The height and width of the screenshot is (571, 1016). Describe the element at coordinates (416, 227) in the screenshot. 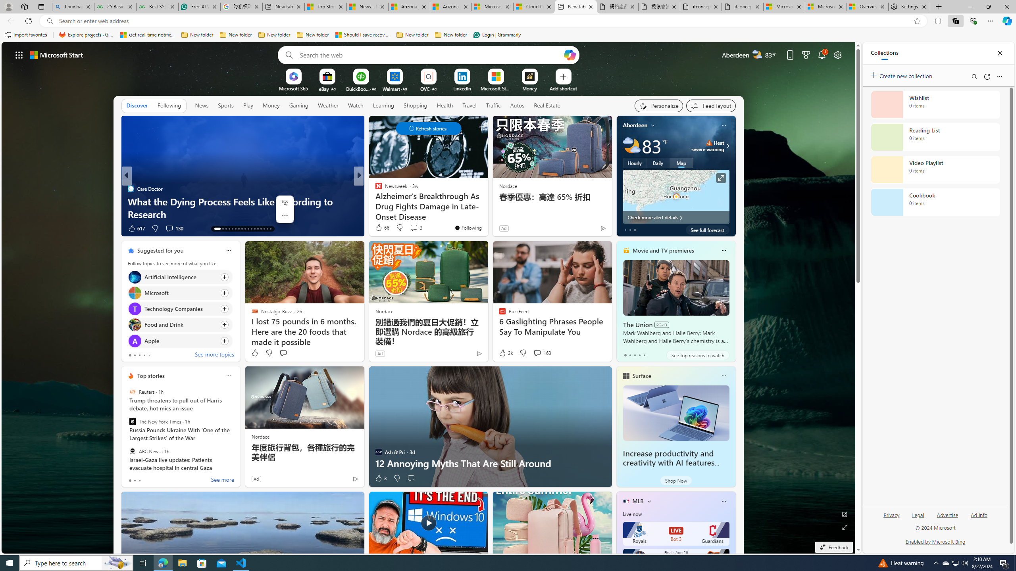

I see `'View comments 3 Comment'` at that location.